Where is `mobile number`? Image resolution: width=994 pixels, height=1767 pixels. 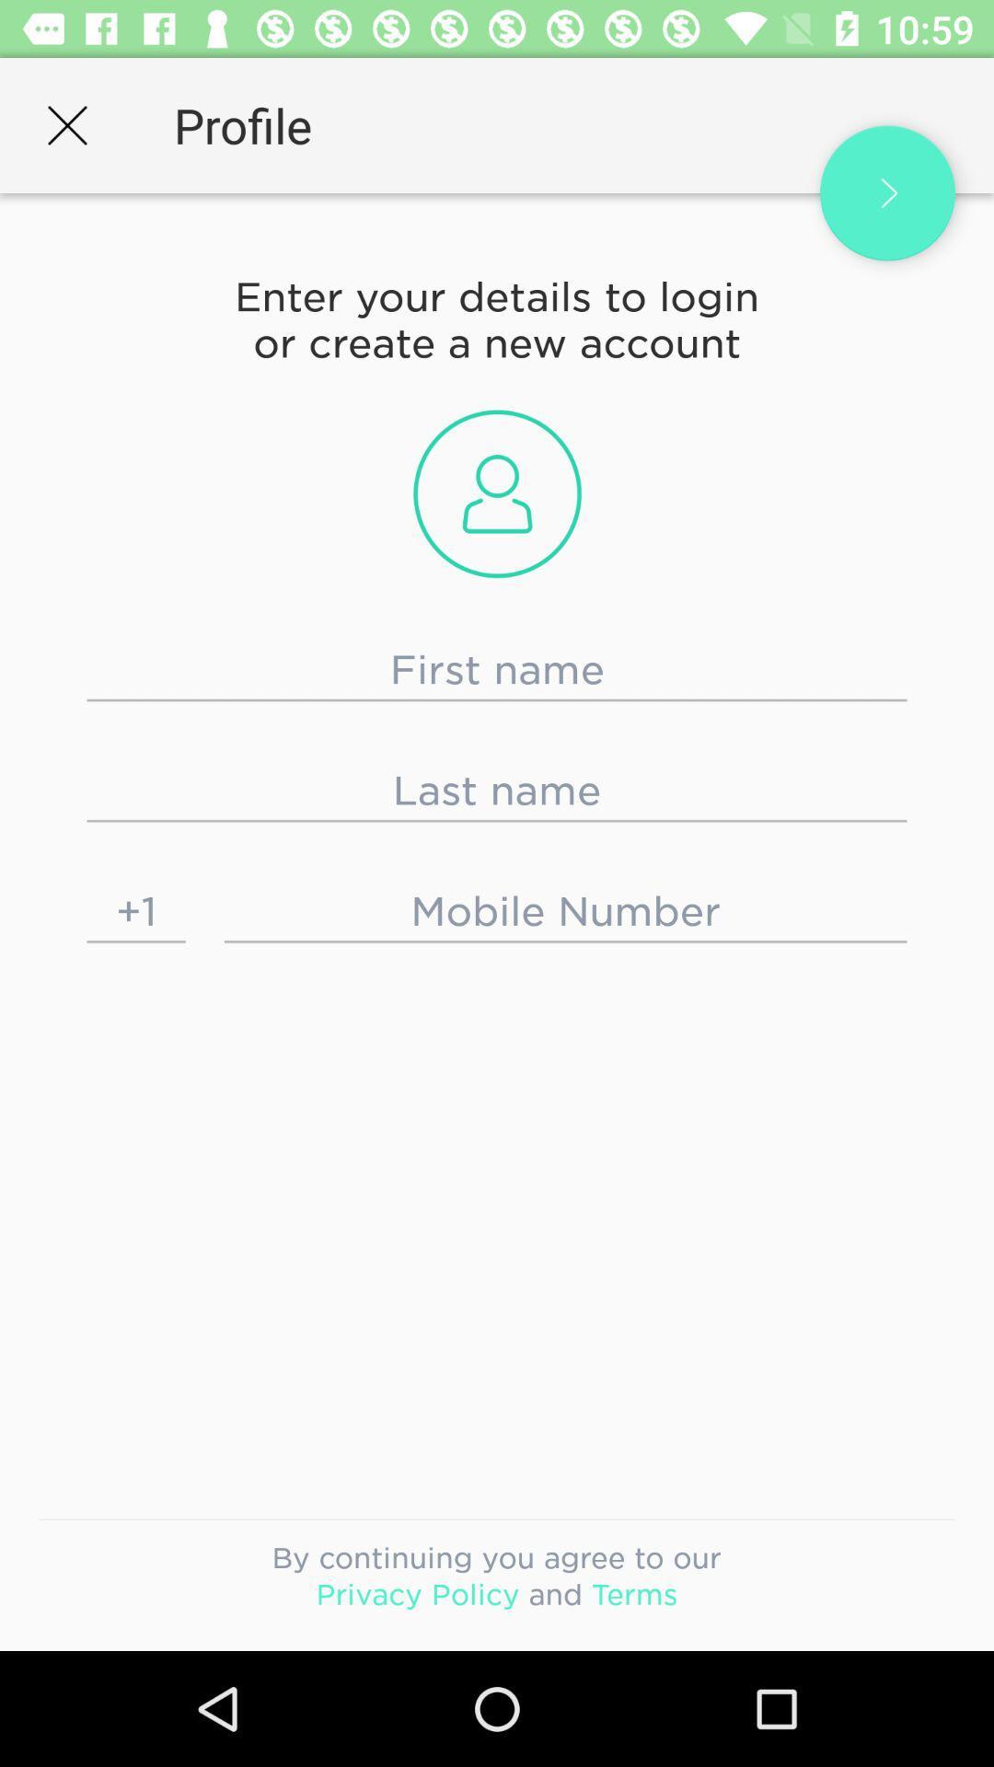
mobile number is located at coordinates (564, 911).